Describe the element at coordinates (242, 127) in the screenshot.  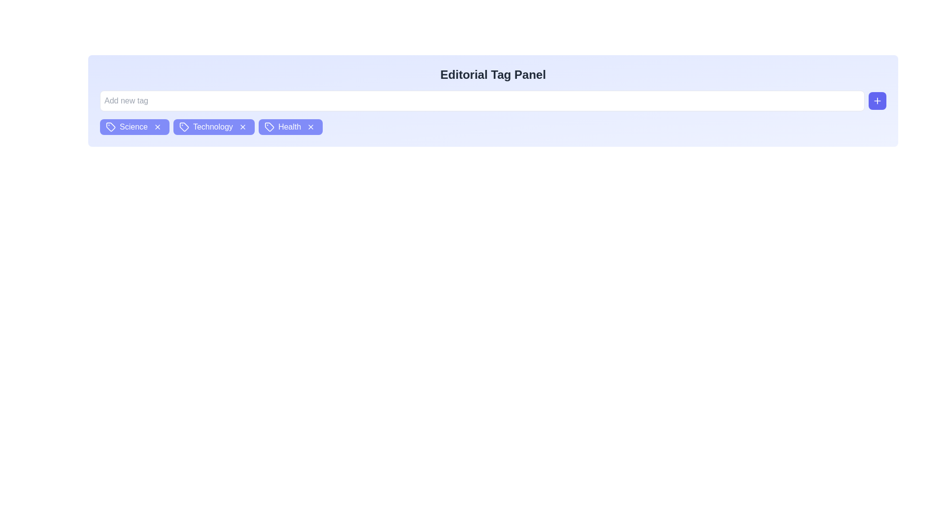
I see `the small SVG icon of a cross ('X') shape located within the button of the 'Technology' tag group, positioned on the far-right beside the text label` at that location.